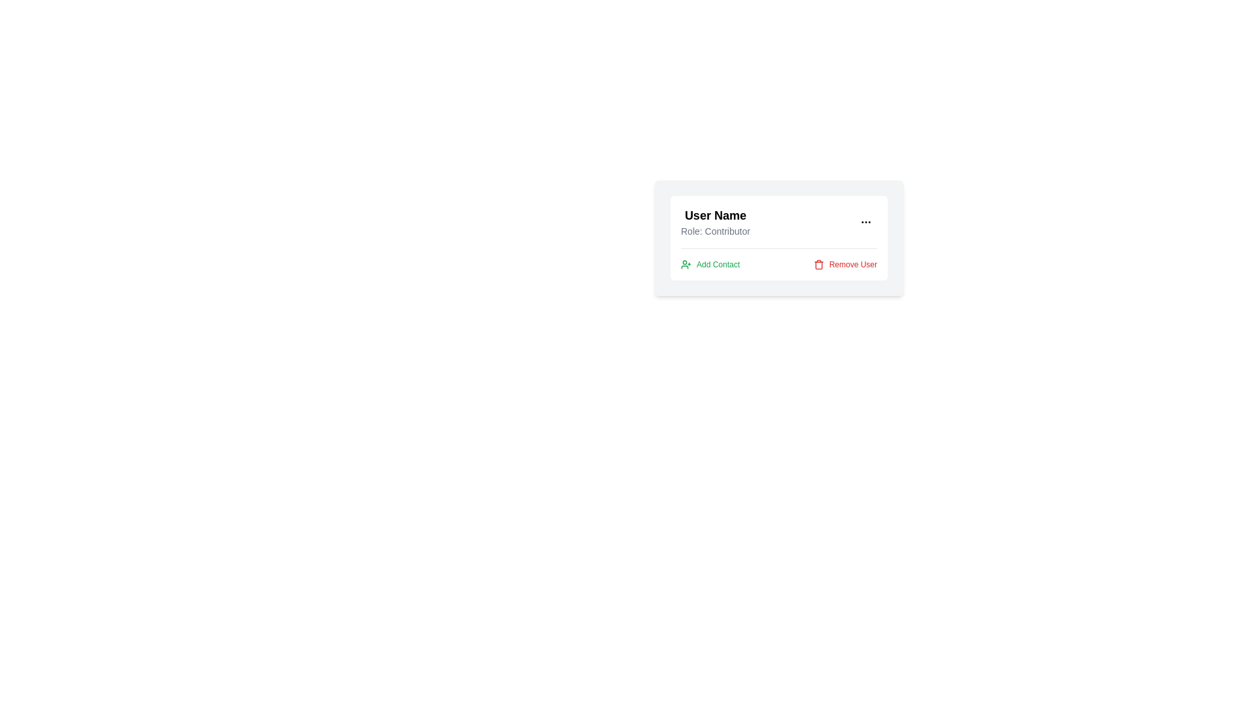  Describe the element at coordinates (709, 265) in the screenshot. I see `the 'Add Contact' button, which is a green button with a user icon and text` at that location.